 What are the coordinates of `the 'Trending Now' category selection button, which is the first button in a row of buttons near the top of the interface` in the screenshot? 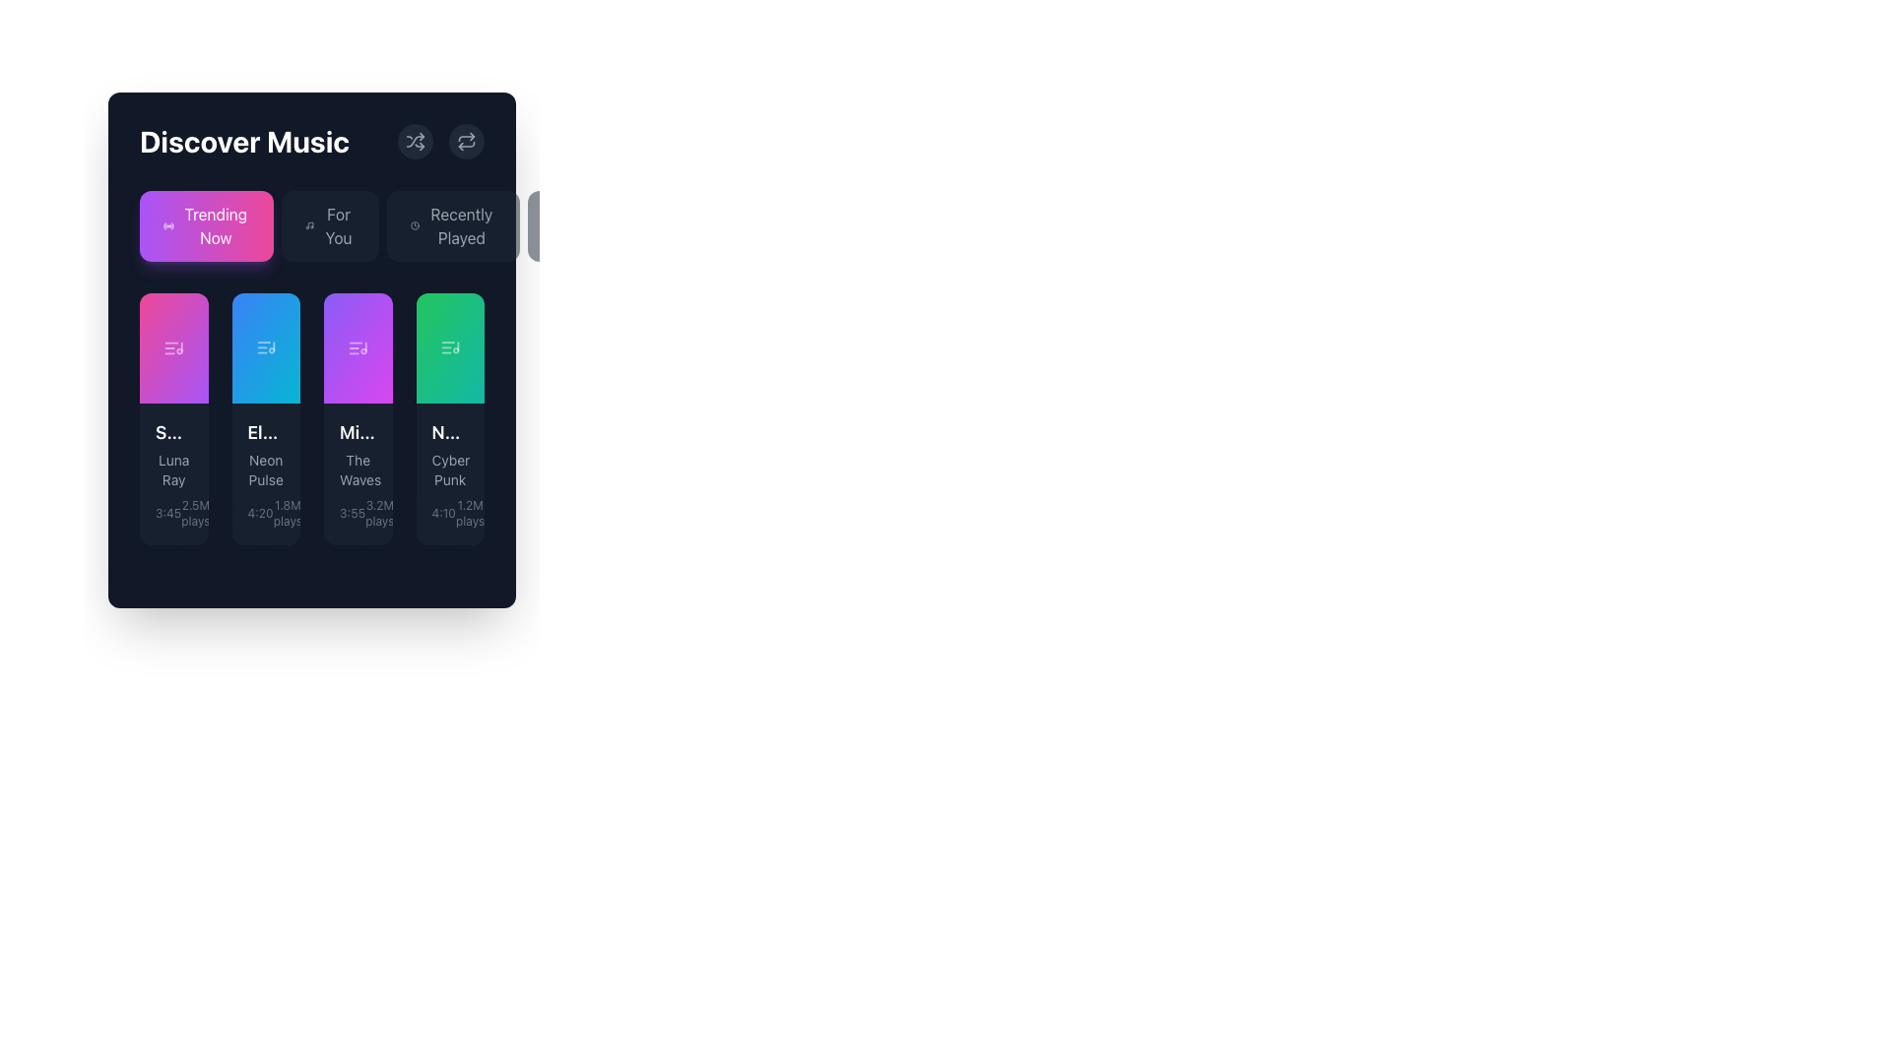 It's located at (216, 225).